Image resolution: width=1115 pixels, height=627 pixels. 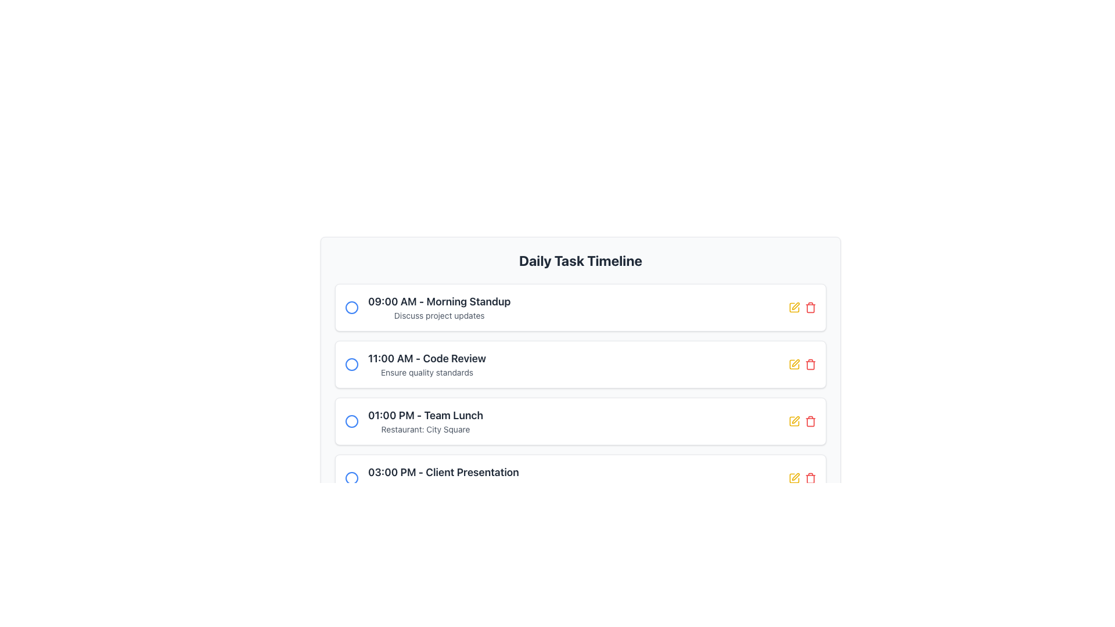 I want to click on the blue circular icon with a white center, which is part of the task entry for '11:00 AM - Code Review'. This icon is the second occurrence in the task list and is located to the left of the task title, so click(x=351, y=364).